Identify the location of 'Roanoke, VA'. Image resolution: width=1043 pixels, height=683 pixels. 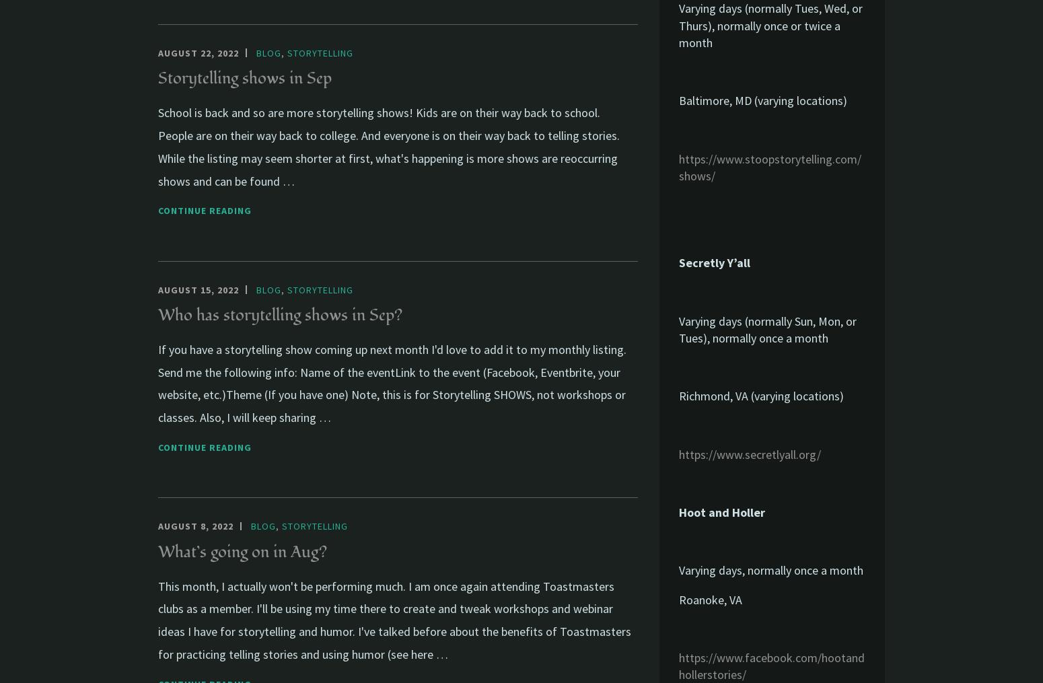
(711, 598).